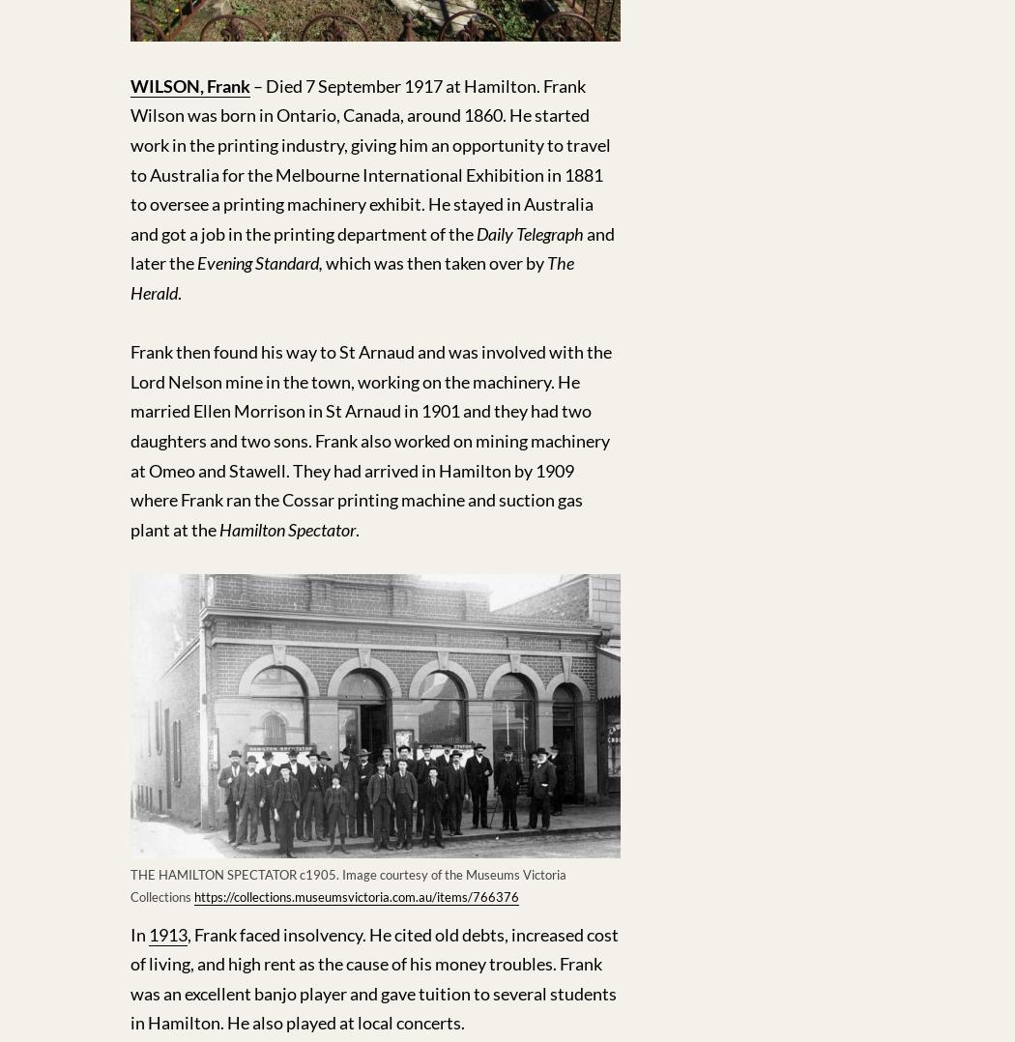 The image size is (1015, 1042). What do you see at coordinates (130, 440) in the screenshot?
I see `'Frank then found his way to St Arnaud and was involved with the Lord Nelson mine in the town, working on the machinery. He married Ellen Morrison in St Arnaud in 1901 and they had two daughters and two sons. Frank also worked on mining machinery at Omeo and Stawell. They had arrived in Hamilton by 1909 where Frank ran the Cossar printing machine and suction gas plant at the'` at bounding box center [130, 440].